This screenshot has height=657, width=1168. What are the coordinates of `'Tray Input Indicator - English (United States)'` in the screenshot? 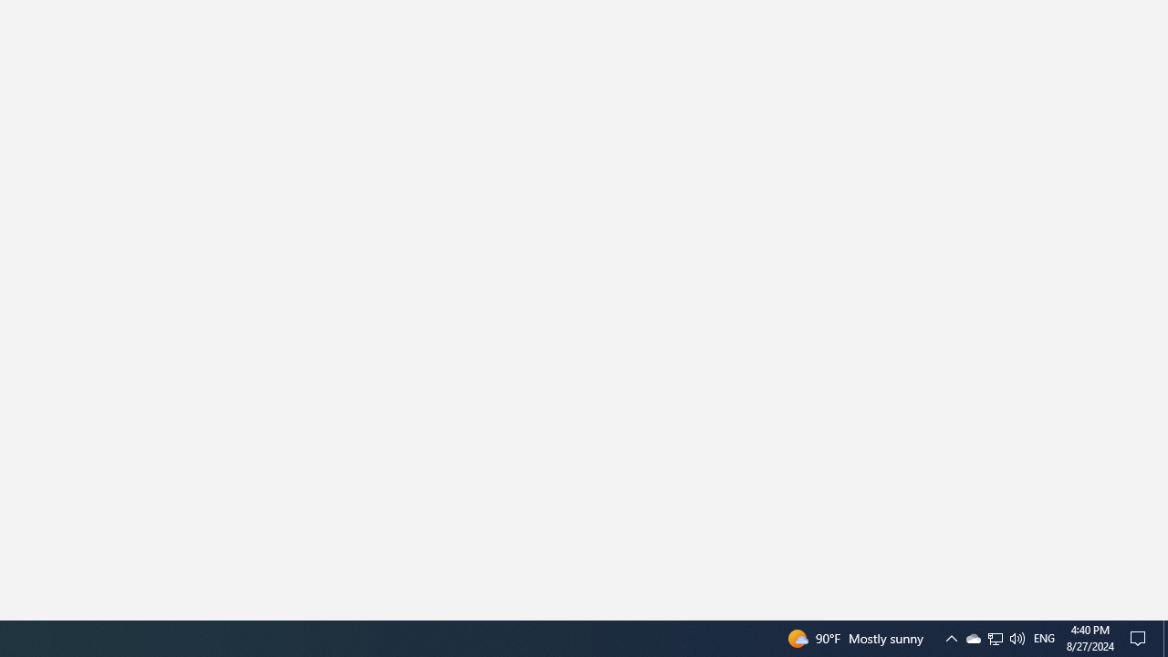 It's located at (1016, 637).